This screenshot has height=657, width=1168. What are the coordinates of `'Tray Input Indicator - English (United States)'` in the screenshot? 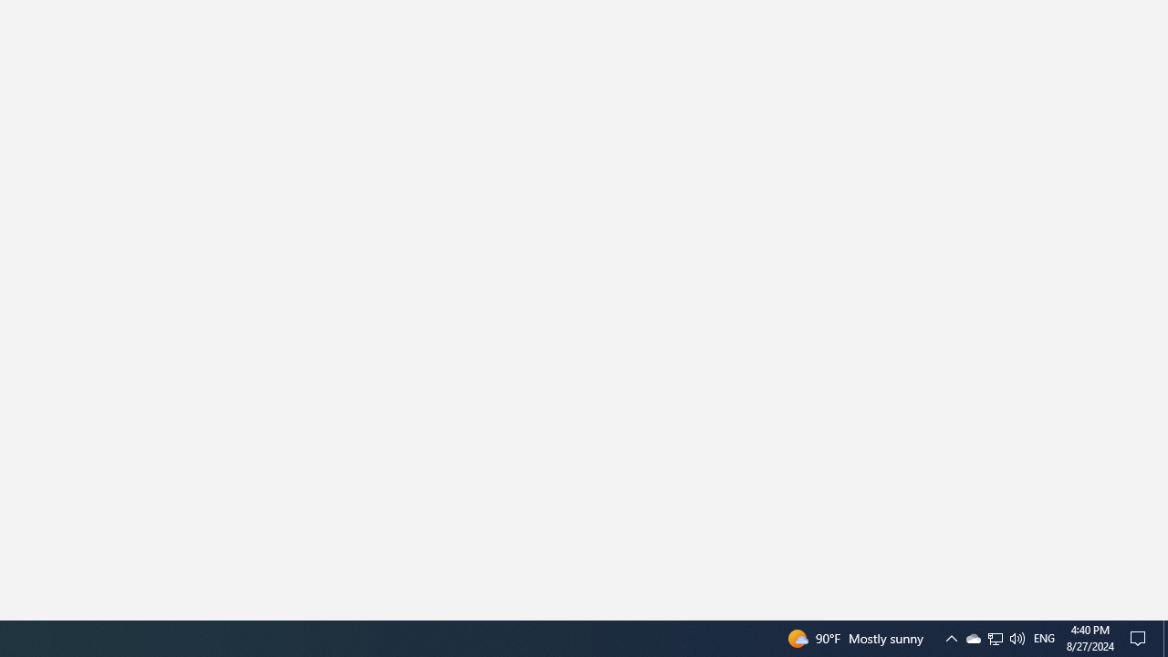 It's located at (1016, 637).